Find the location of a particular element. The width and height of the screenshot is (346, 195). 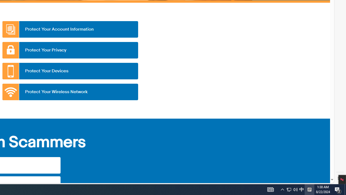

'Protect Your Wireless Network' is located at coordinates (70, 92).